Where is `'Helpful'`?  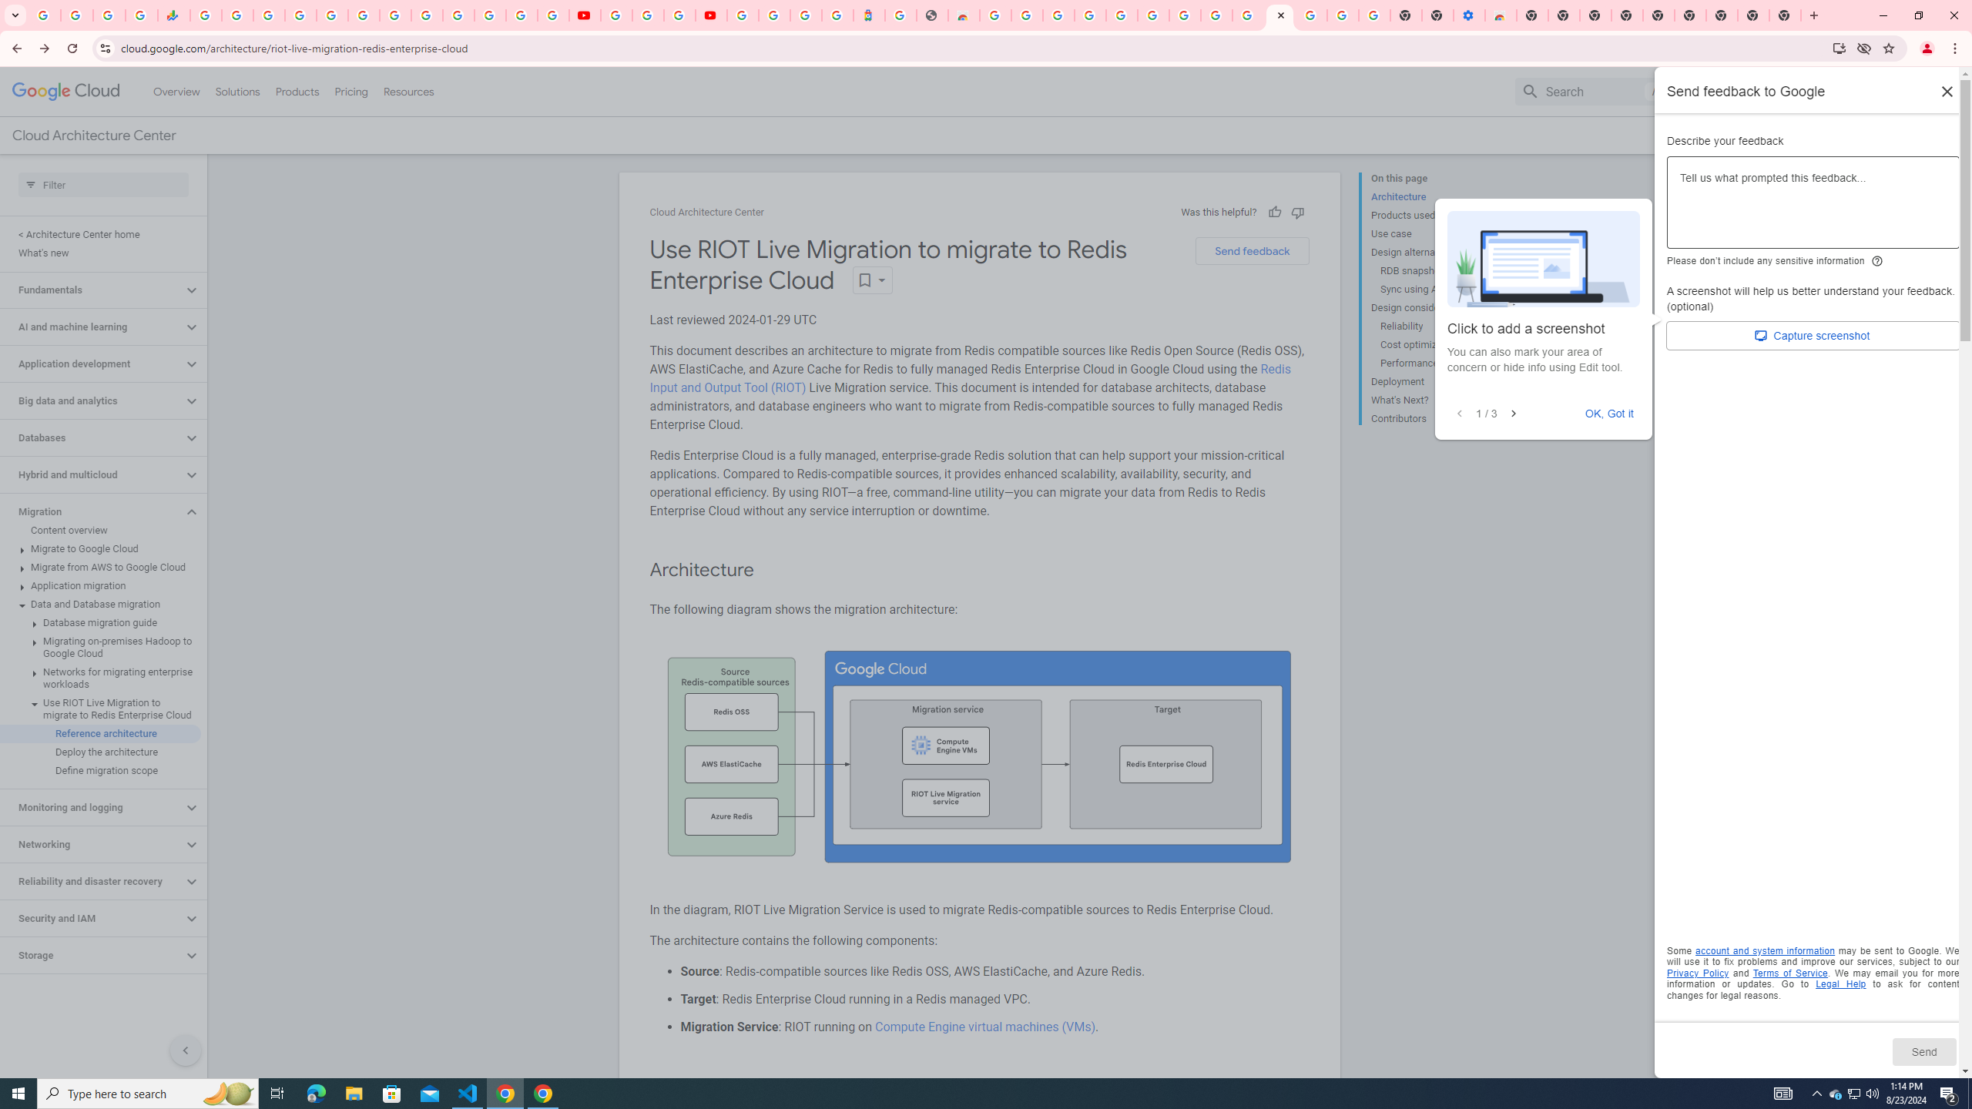
'Helpful' is located at coordinates (1273, 212).